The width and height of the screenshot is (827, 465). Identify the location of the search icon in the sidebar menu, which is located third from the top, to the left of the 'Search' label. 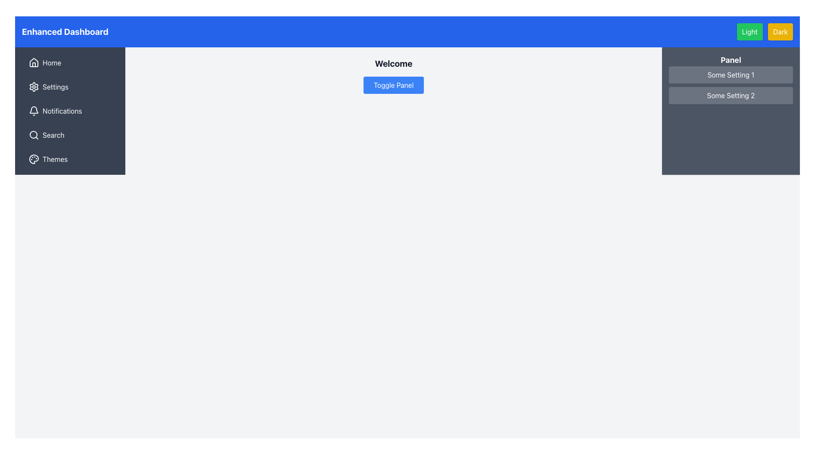
(34, 135).